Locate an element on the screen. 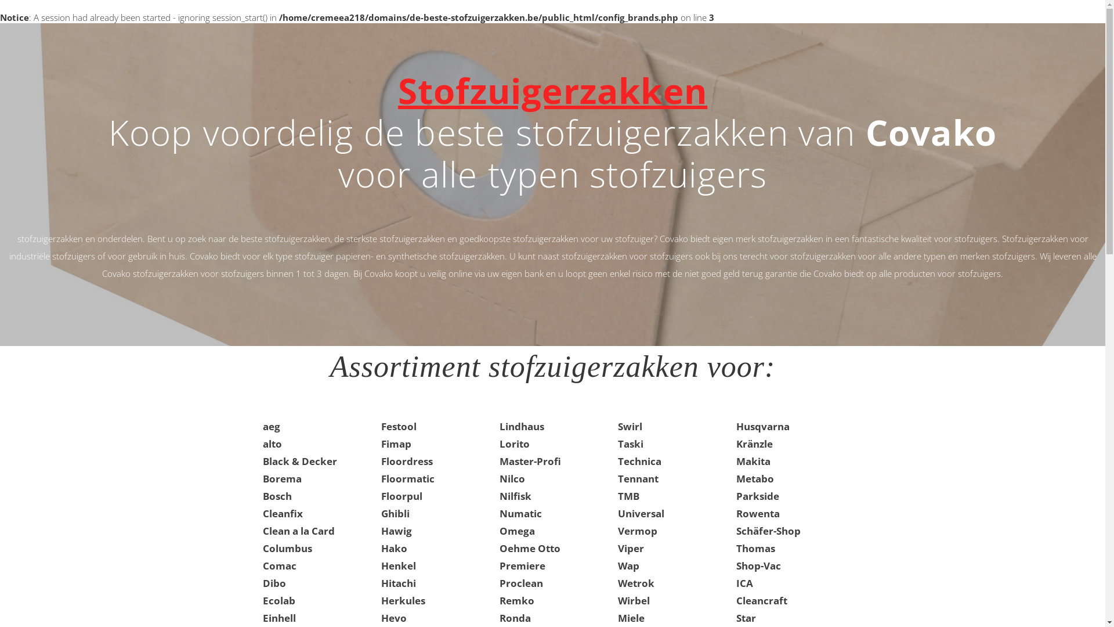 This screenshot has width=1114, height=627. 'aeg' is located at coordinates (270, 426).